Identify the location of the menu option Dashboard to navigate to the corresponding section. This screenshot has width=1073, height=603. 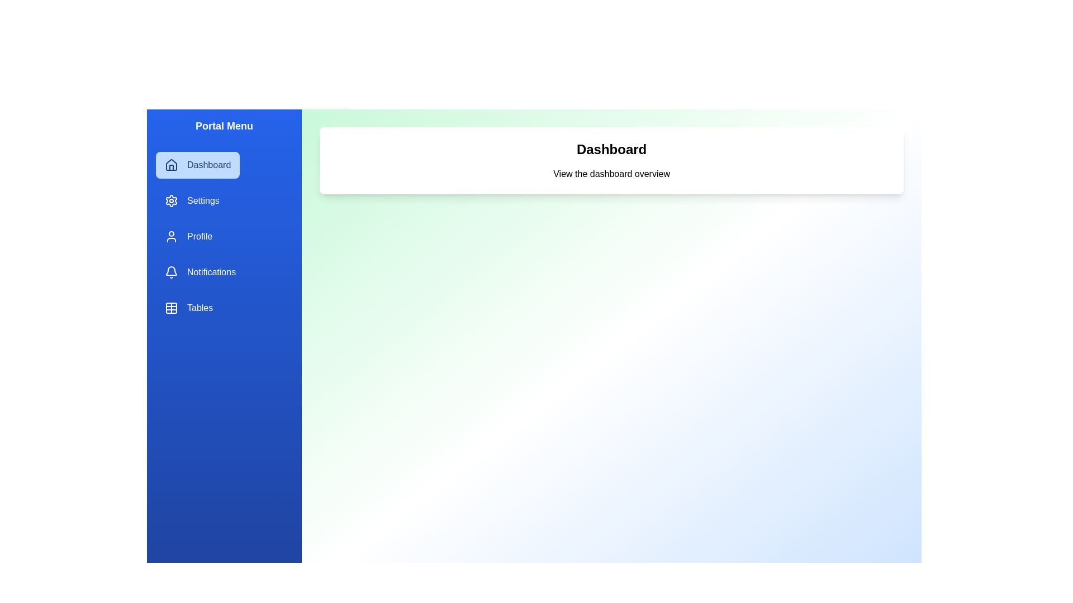
(198, 165).